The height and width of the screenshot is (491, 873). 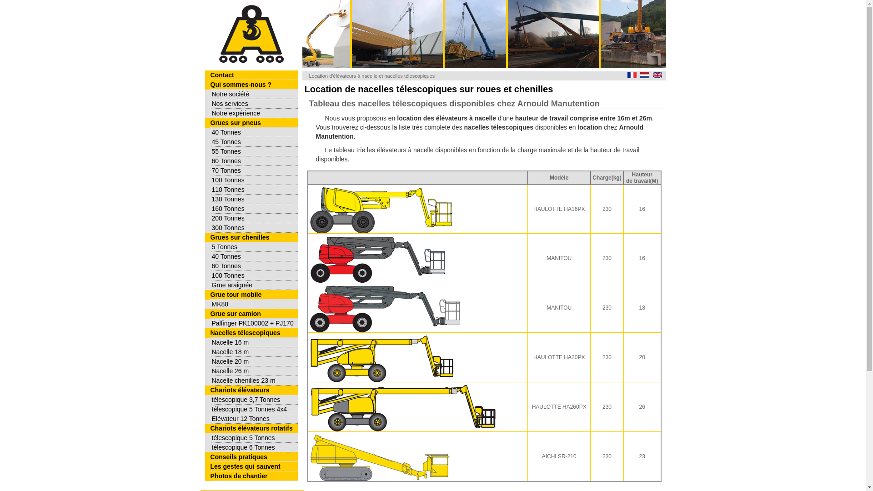 What do you see at coordinates (254, 371) in the screenshot?
I see `'Nacelle 26 m'` at bounding box center [254, 371].